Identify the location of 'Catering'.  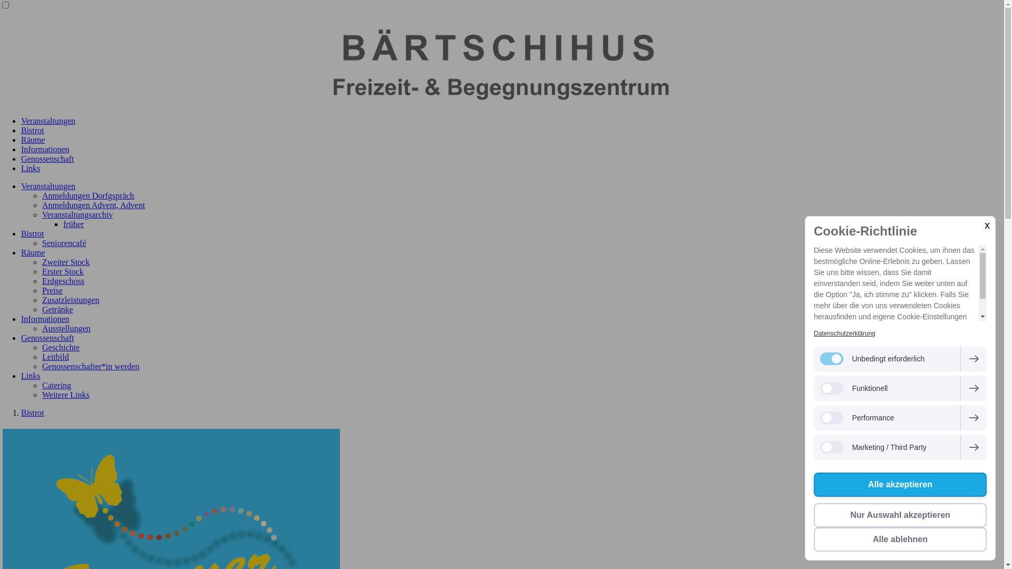
(42, 385).